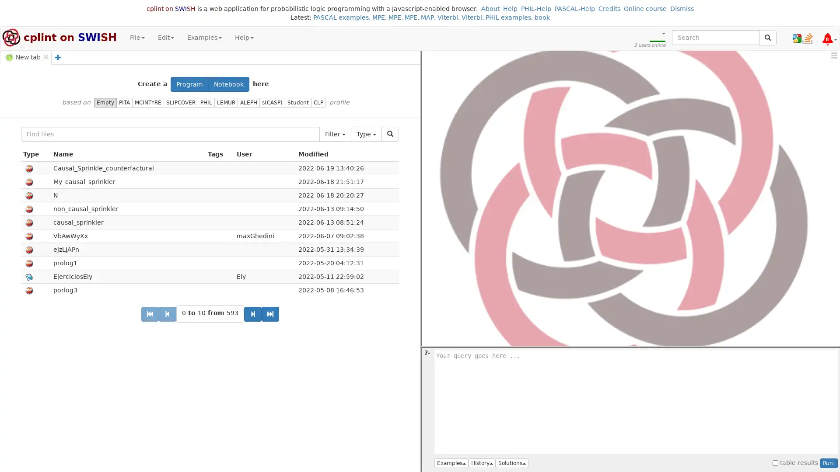 The image size is (840, 472). Describe the element at coordinates (189, 84) in the screenshot. I see `Program` at that location.